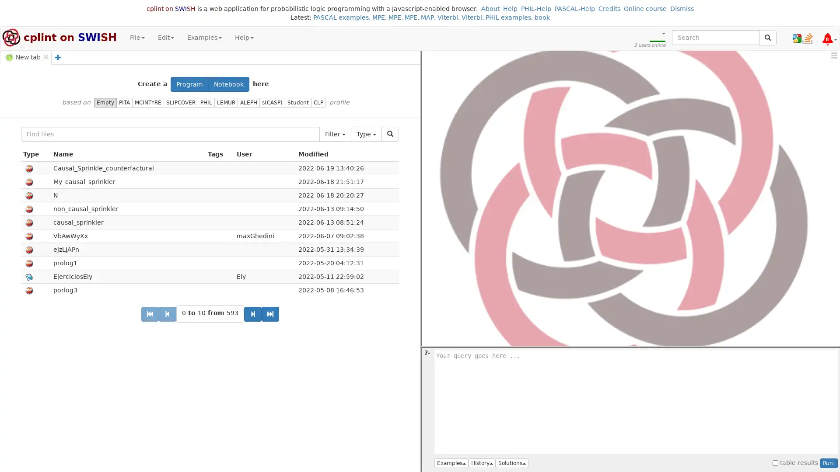 The image size is (840, 472). Describe the element at coordinates (189, 84) in the screenshot. I see `Program` at that location.